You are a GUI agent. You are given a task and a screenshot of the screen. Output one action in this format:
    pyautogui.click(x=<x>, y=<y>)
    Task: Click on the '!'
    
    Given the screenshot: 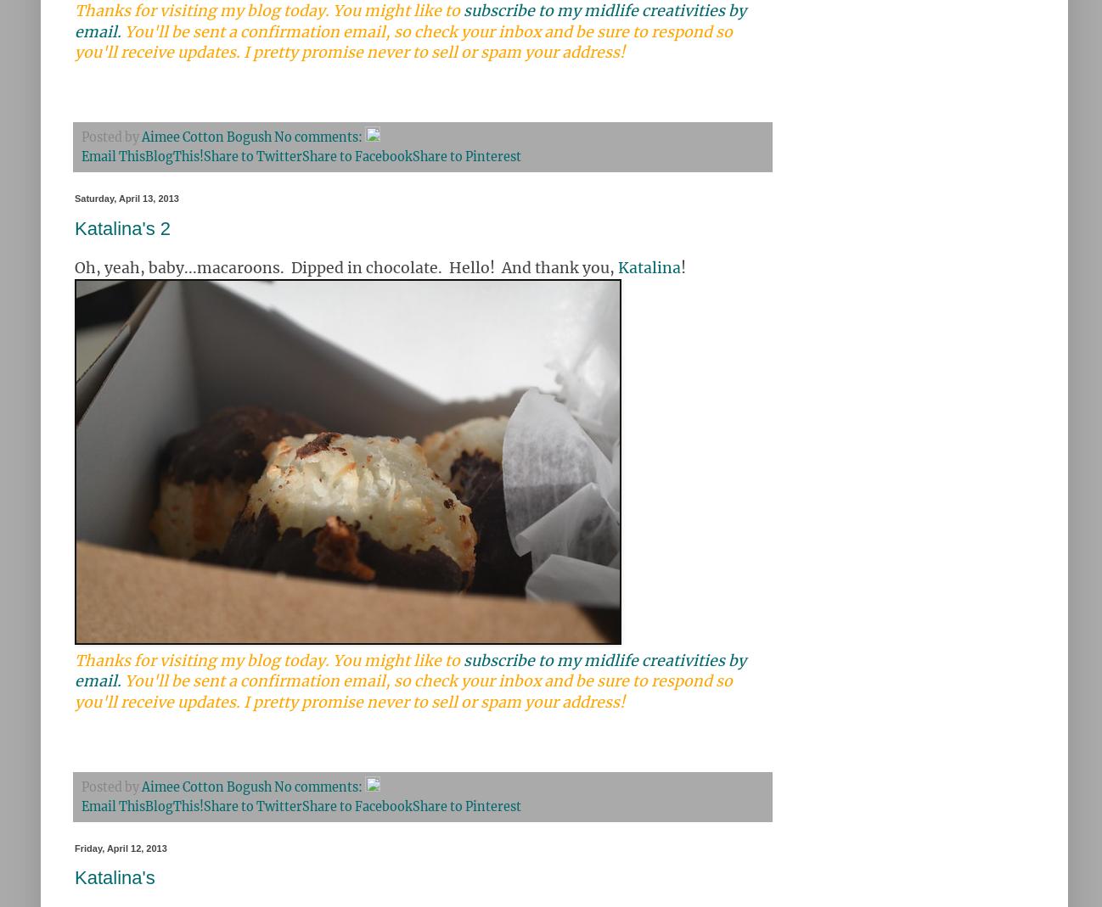 What is the action you would take?
    pyautogui.click(x=683, y=266)
    